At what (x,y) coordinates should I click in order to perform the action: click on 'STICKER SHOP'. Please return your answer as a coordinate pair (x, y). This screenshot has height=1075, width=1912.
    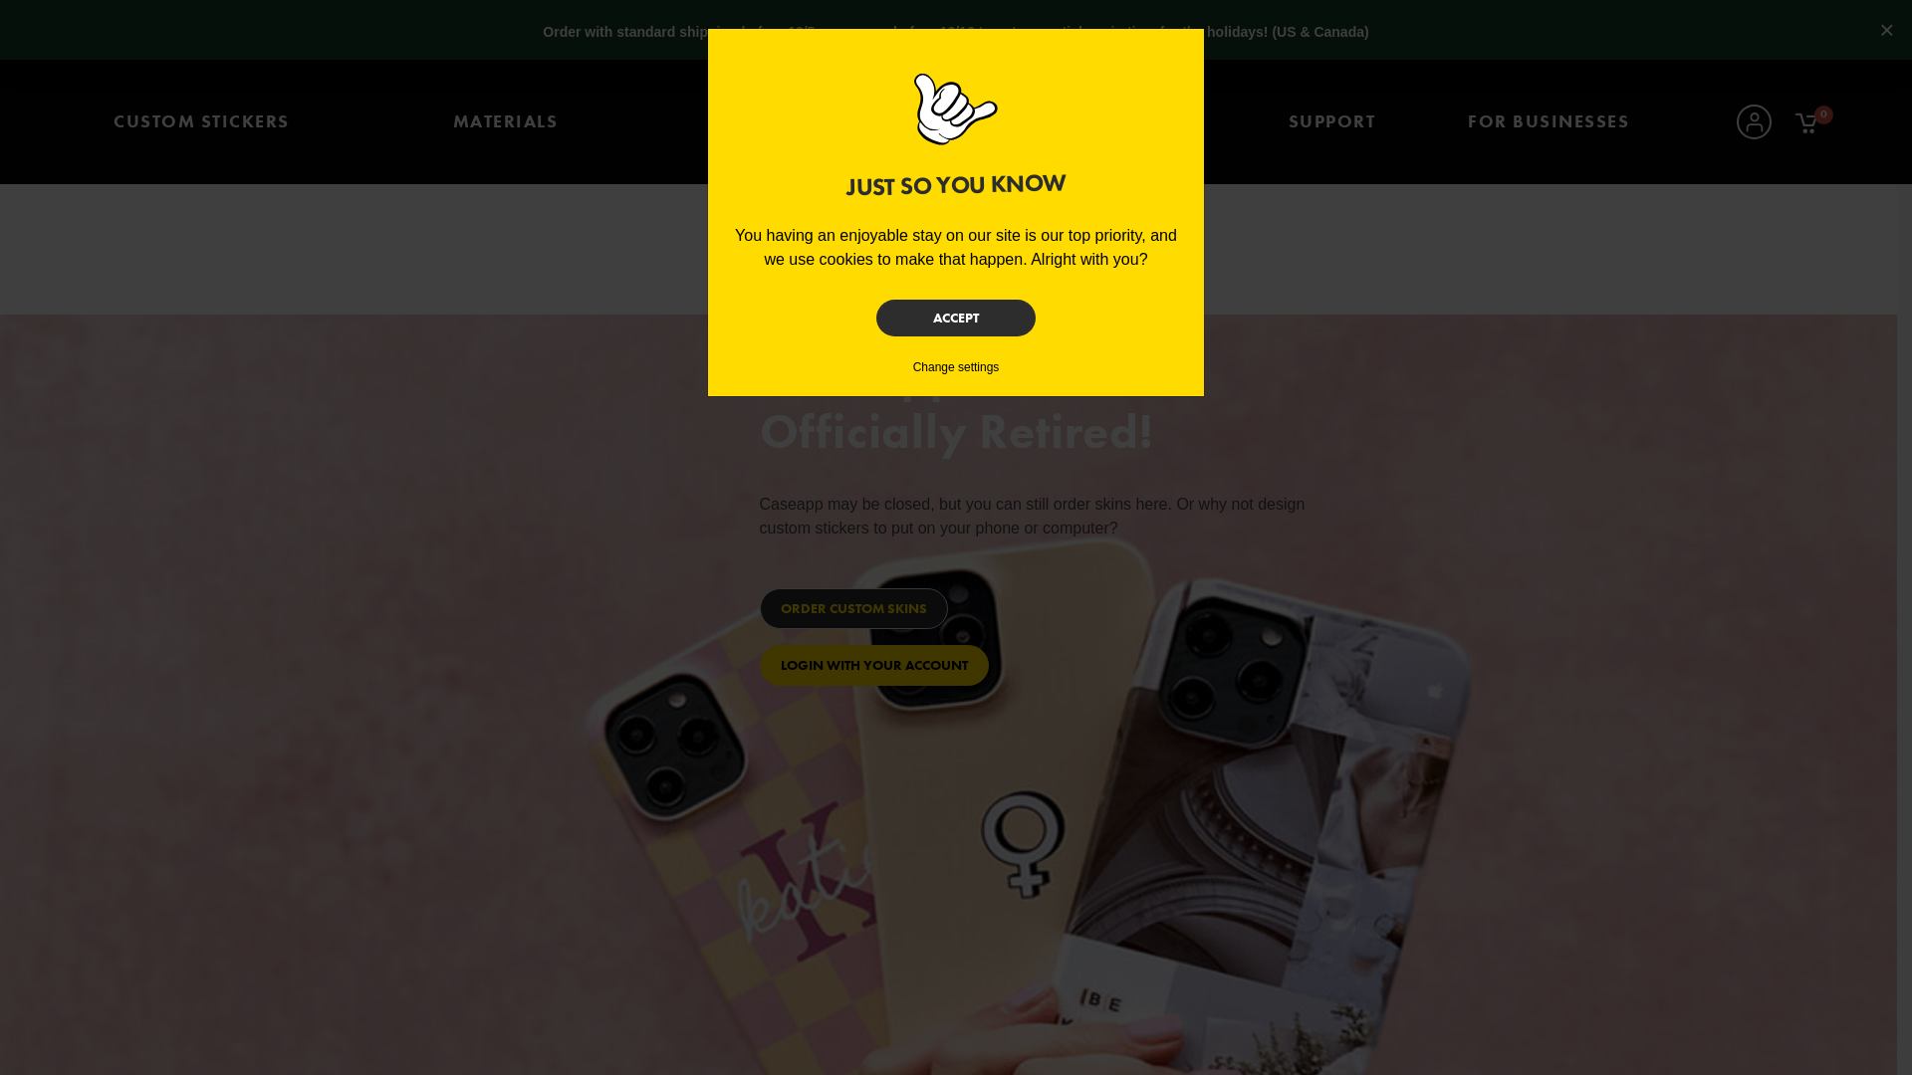
    Looking at the image, I should click on (1127, 121).